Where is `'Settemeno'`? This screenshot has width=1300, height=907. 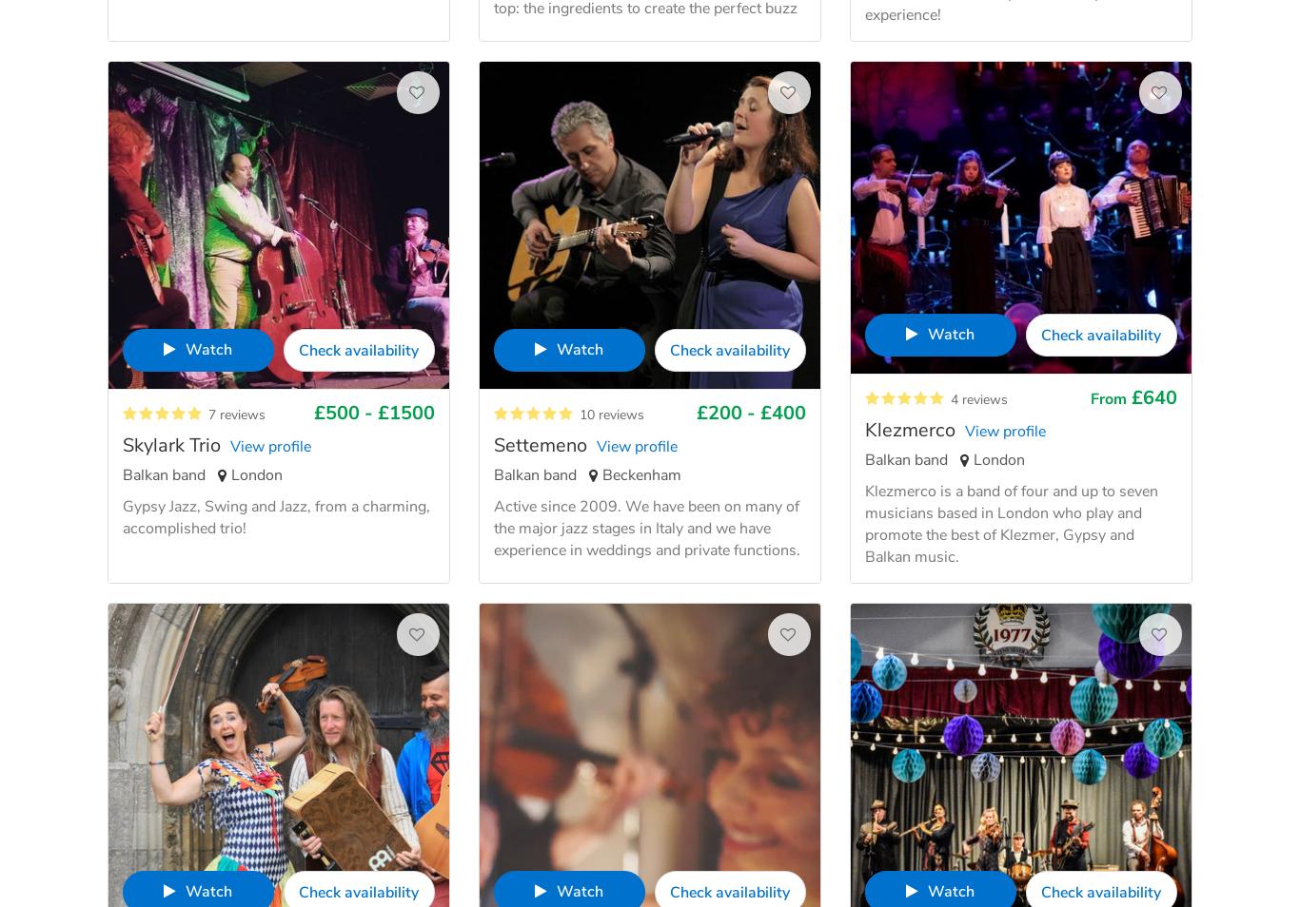
'Settemeno' is located at coordinates (540, 445).